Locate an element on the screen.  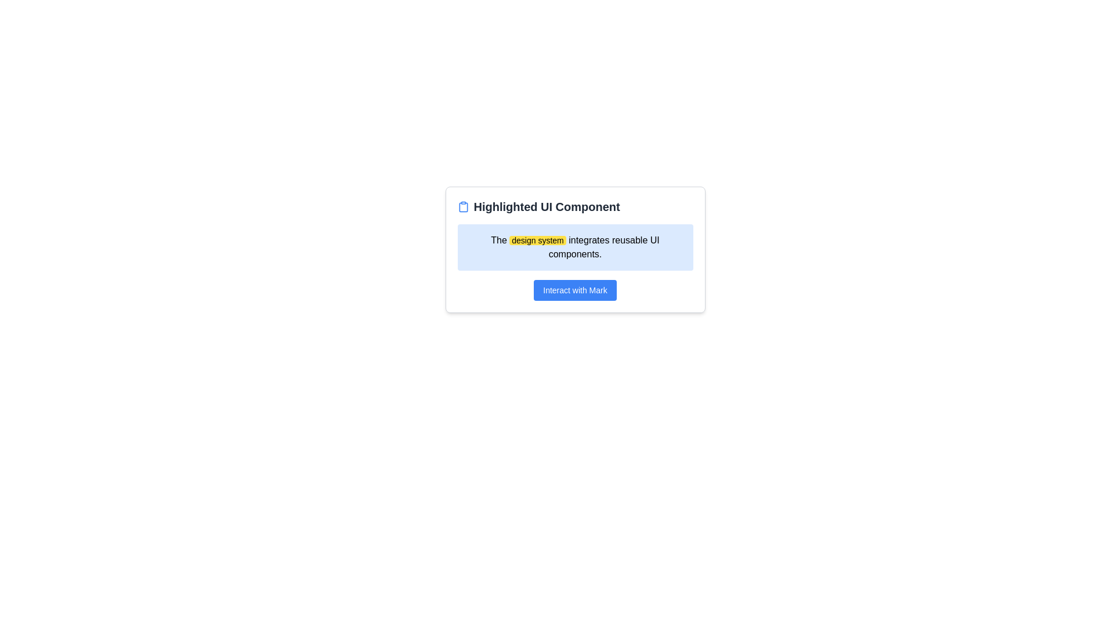
information displayed in the blue rectangular box containing the text 'The design system integrates reusable UI components.' with 'design system' highlighted in yellow is located at coordinates (575, 247).